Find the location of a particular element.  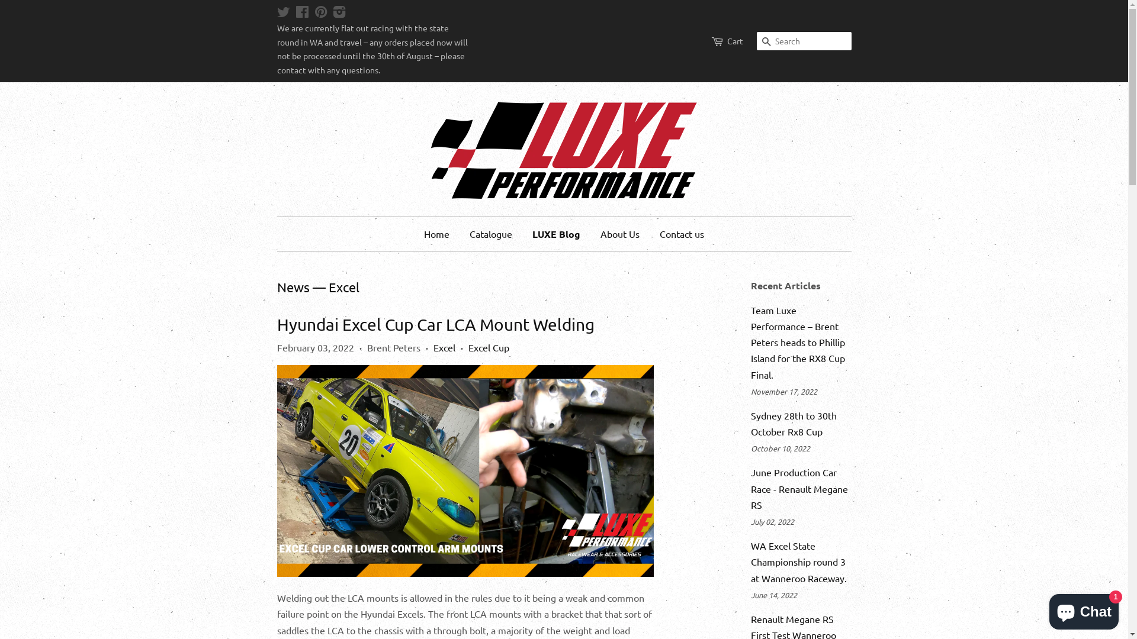

'Facebook' is located at coordinates (301, 14).